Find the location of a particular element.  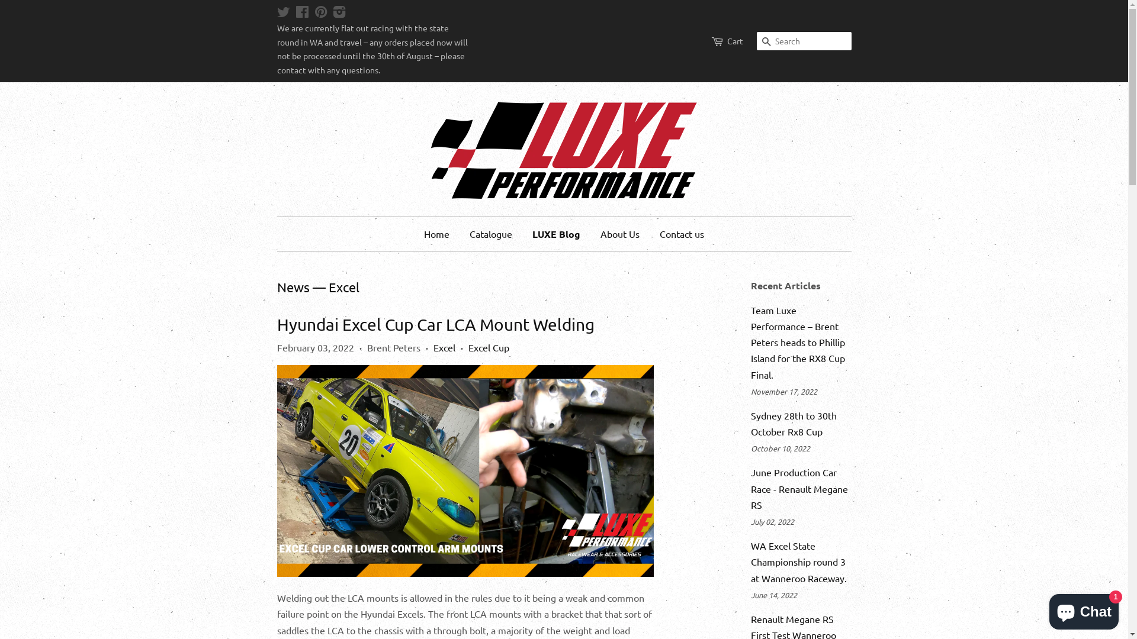

'Facebook' is located at coordinates (301, 14).